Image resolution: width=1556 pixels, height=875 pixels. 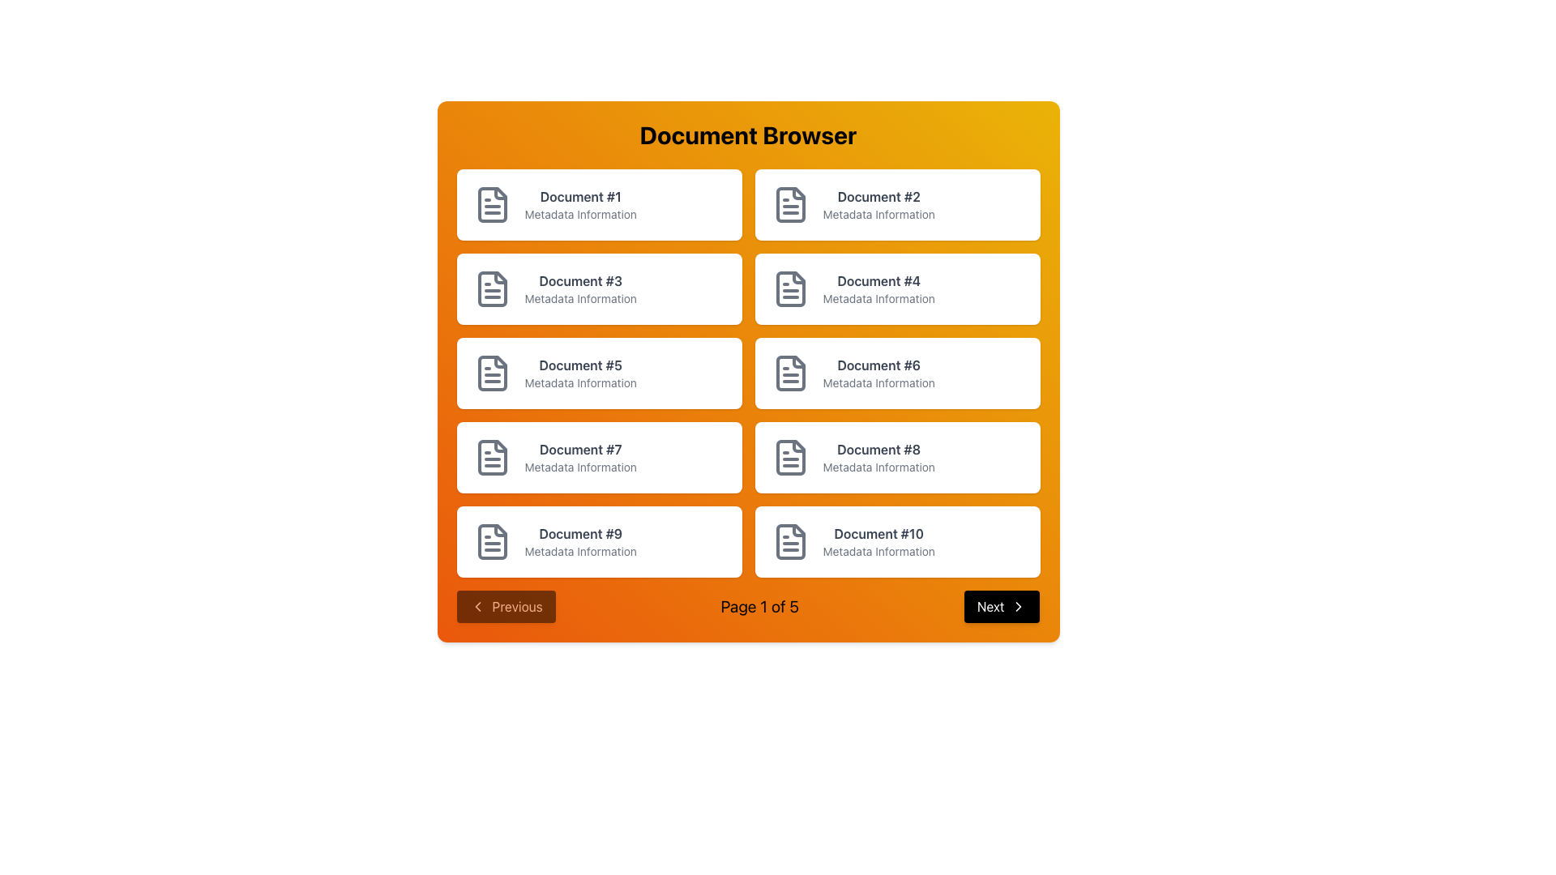 What do you see at coordinates (580, 280) in the screenshot?
I see `the title text label for 'Document #3', which is located at the top of the third card in the first row of the document grid layout` at bounding box center [580, 280].